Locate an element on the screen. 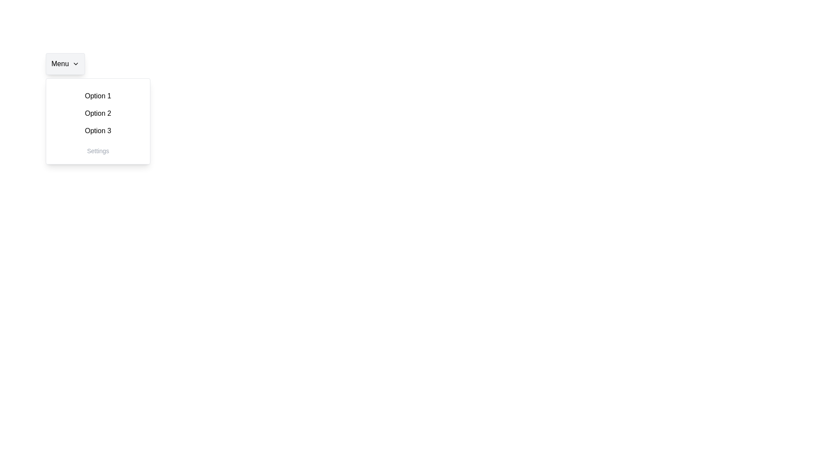  the third menu option labeled 'Option 3' is located at coordinates (98, 131).